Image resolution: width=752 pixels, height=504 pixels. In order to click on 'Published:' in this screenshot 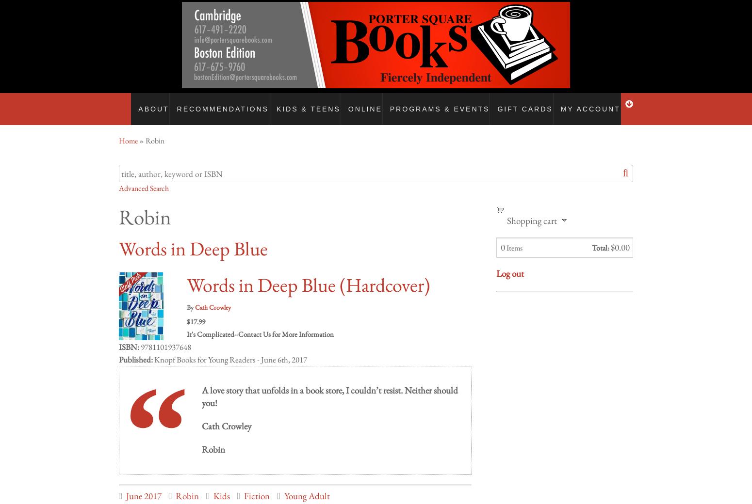, I will do `click(135, 349)`.